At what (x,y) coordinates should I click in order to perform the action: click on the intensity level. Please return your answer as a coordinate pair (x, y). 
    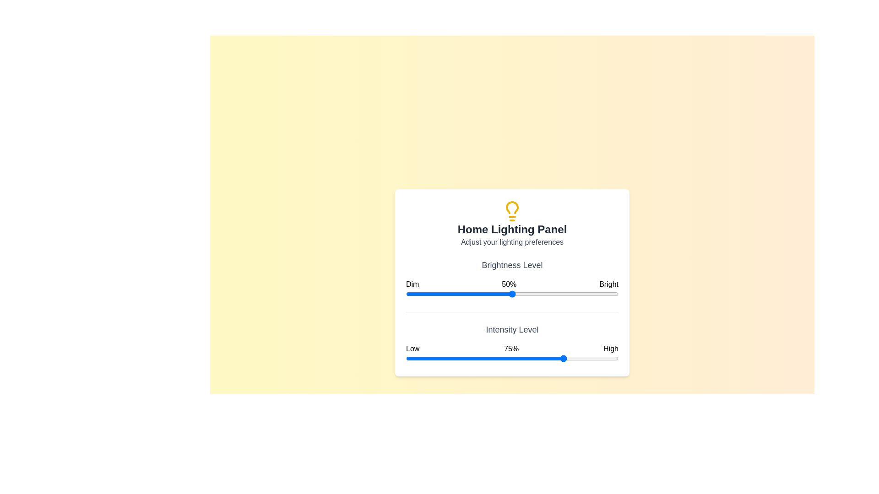
    Looking at the image, I should click on (480, 358).